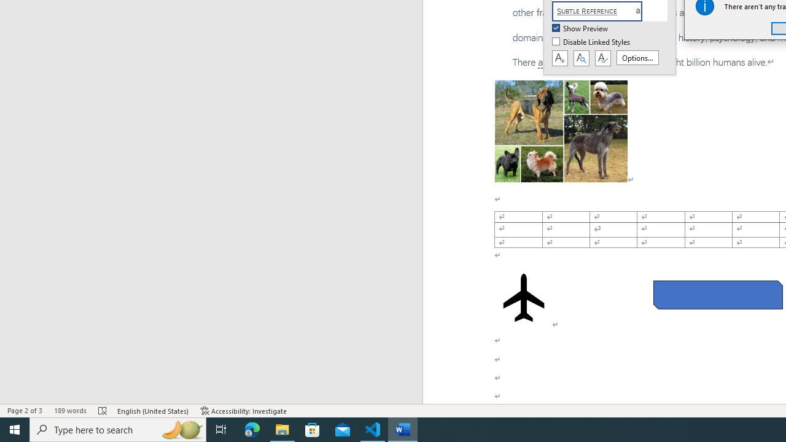  Describe the element at coordinates (252, 428) in the screenshot. I see `'Microsoft Edge'` at that location.